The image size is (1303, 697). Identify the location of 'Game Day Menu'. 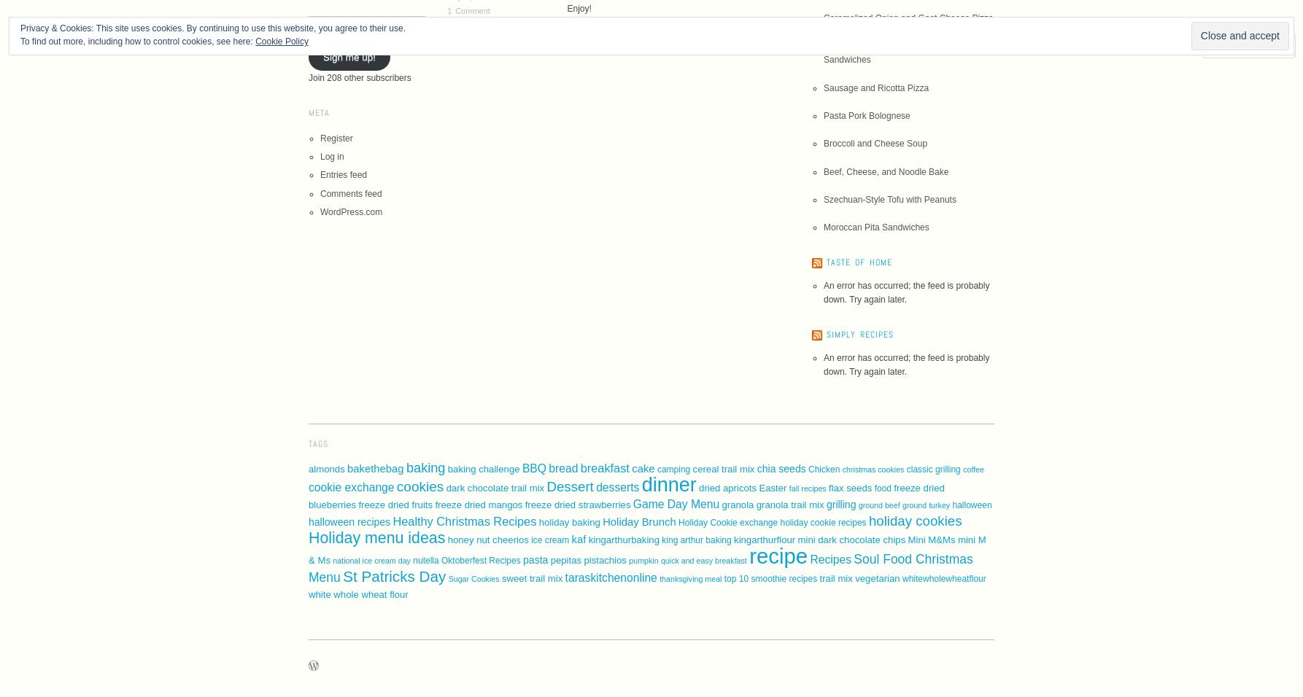
(676, 504).